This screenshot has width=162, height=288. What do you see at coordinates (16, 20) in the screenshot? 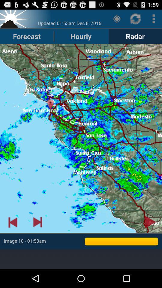
I see `the close icon` at bounding box center [16, 20].